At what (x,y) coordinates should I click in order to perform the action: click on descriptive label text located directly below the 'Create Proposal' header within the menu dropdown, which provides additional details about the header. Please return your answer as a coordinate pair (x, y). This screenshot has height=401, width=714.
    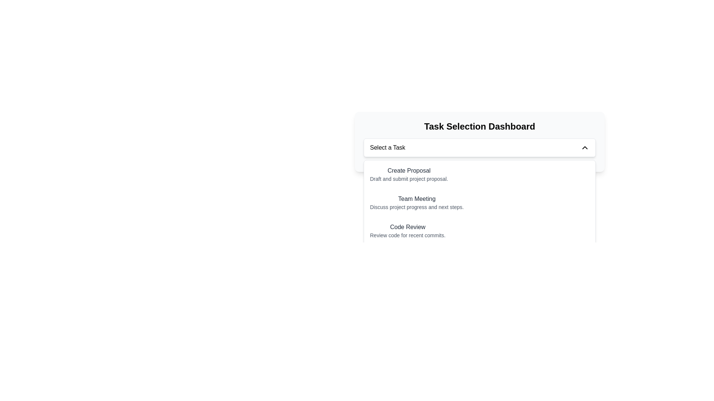
    Looking at the image, I should click on (408, 179).